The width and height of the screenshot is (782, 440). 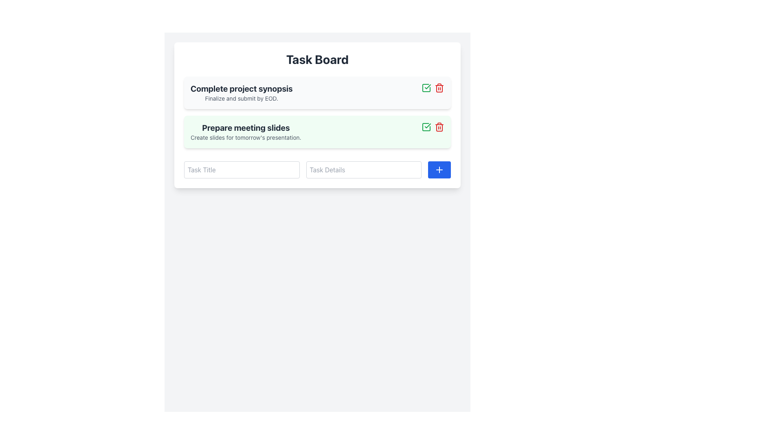 I want to click on the red trash bin icon, so click(x=439, y=88).